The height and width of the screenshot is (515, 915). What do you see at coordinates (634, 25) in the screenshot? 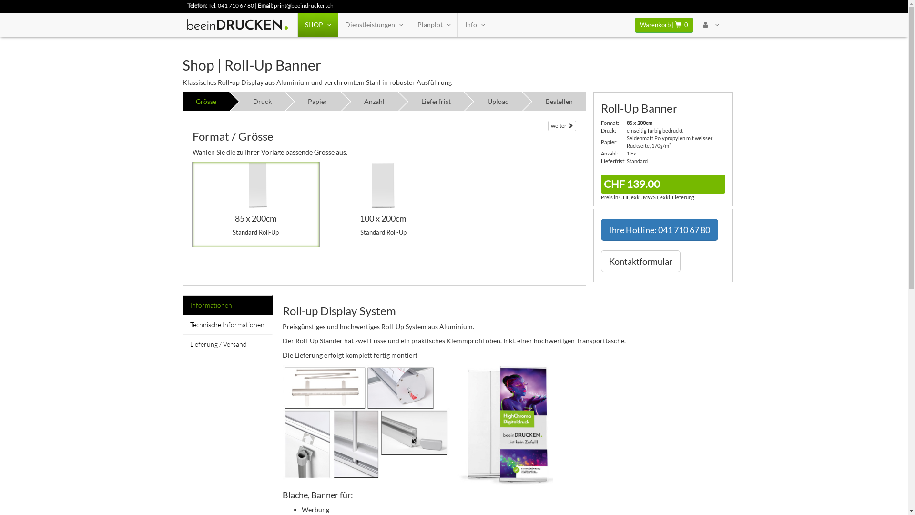
I see `'Warenkorb |   0'` at bounding box center [634, 25].